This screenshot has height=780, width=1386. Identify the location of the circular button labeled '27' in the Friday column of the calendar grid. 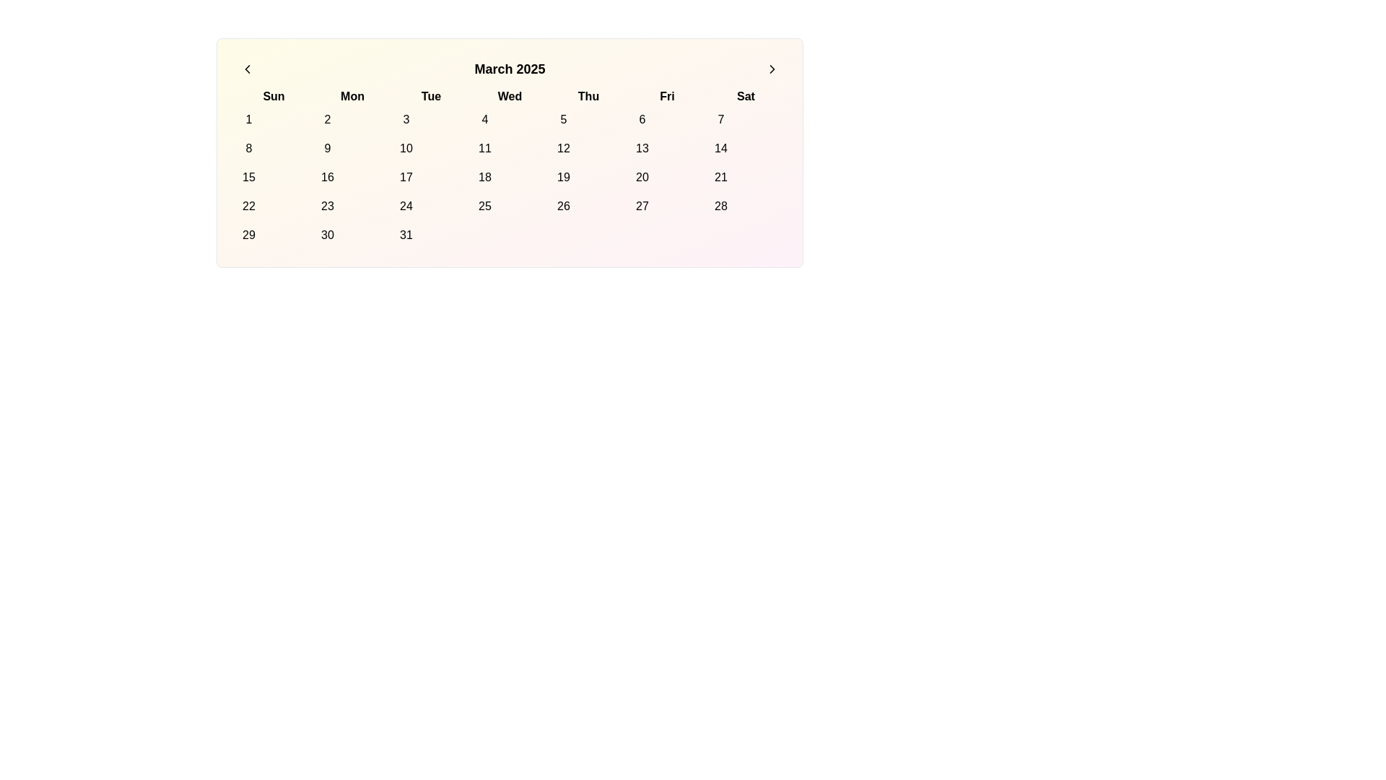
(641, 206).